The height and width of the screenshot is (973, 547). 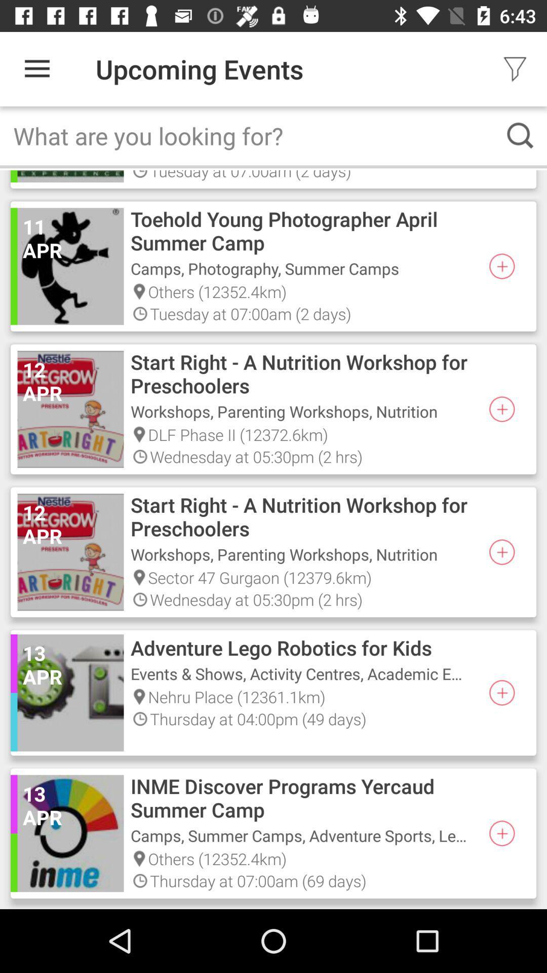 I want to click on the search icon, so click(x=520, y=135).